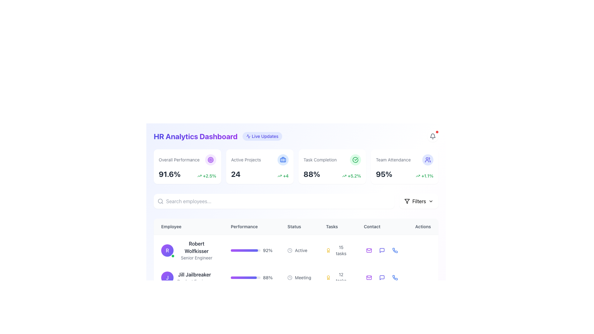  I want to click on a metric card in the summary dashboard section located at the upper part of the interface, so click(295, 169).